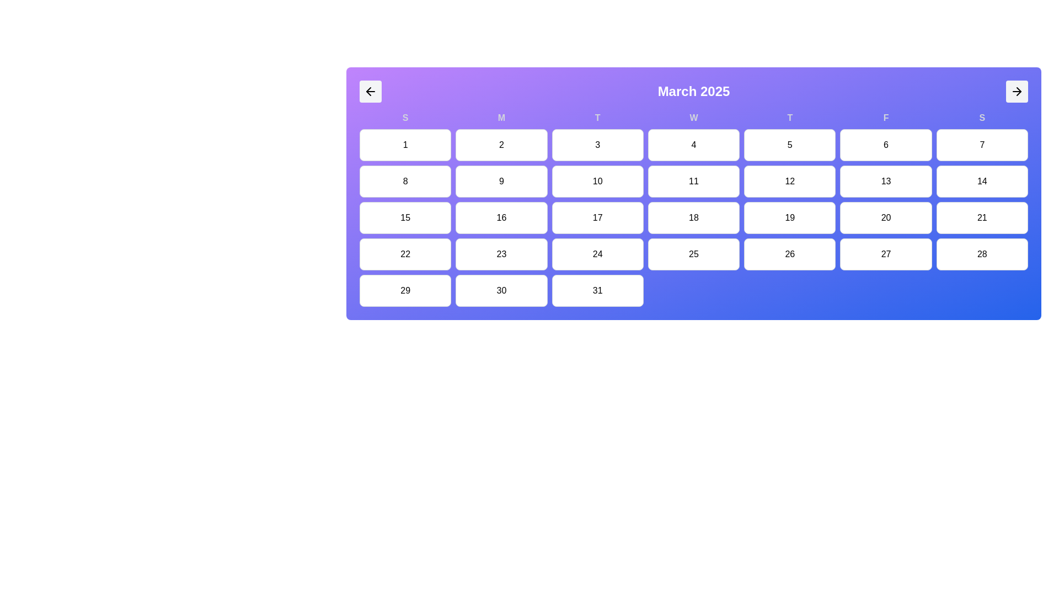  Describe the element at coordinates (501, 254) in the screenshot. I see `the clickable calendar day cell displaying '23', located in the fifth row and second column of the grid under the 'M' column` at that location.